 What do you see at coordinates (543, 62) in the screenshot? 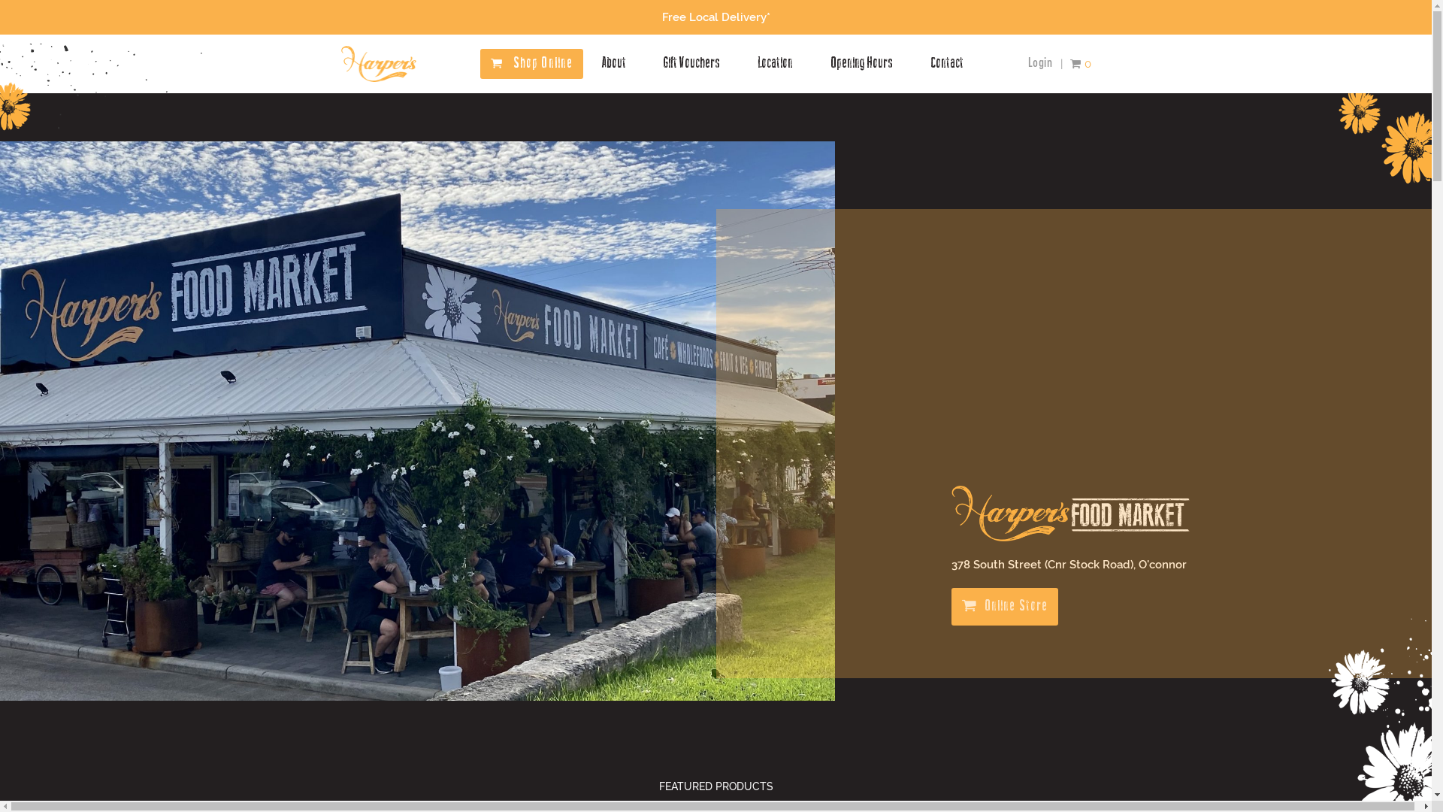
I see `'Shop Online'` at bounding box center [543, 62].